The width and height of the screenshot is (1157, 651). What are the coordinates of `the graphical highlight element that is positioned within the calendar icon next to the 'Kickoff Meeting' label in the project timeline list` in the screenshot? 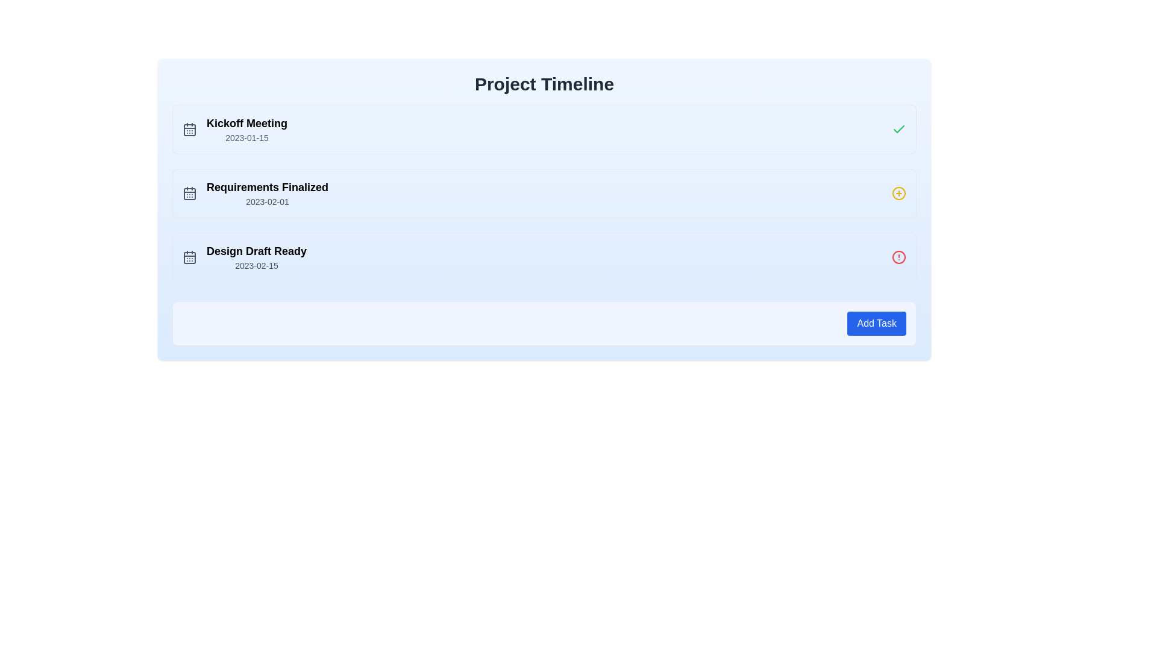 It's located at (189, 130).